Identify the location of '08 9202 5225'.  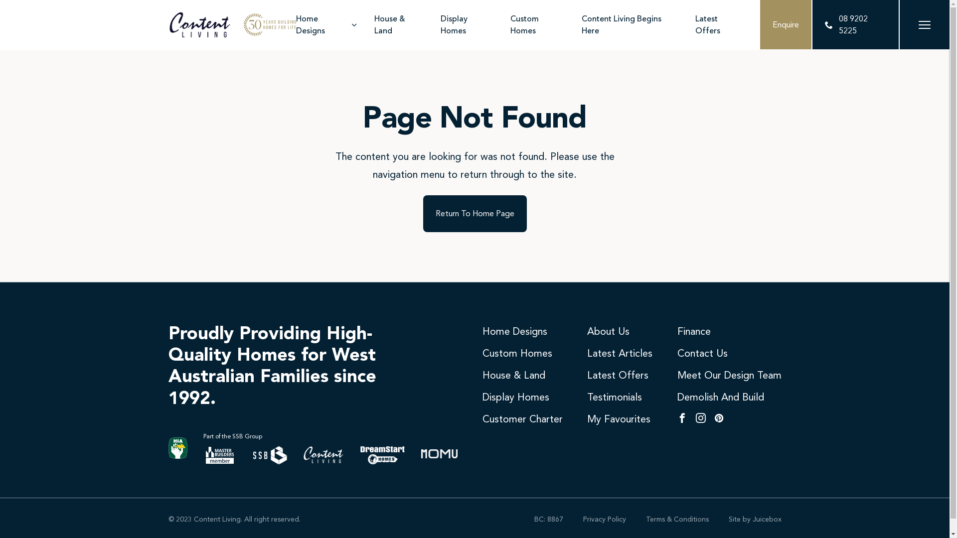
(855, 24).